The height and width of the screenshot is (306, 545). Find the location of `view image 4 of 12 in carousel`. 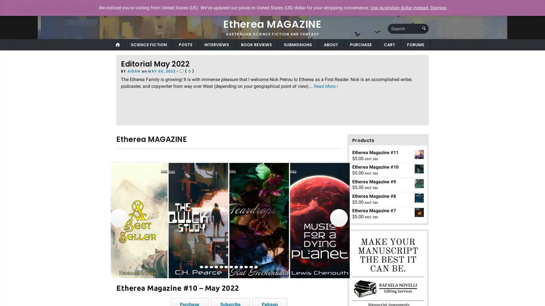

view image 4 of 12 in carousel is located at coordinates (216, 267).